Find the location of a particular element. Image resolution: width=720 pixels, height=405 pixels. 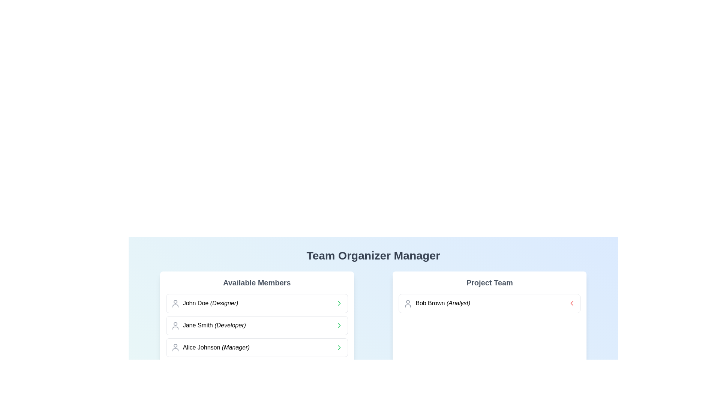

the selectable user profile item for 'Jane Smith,' identified as a Developer is located at coordinates (257, 325).